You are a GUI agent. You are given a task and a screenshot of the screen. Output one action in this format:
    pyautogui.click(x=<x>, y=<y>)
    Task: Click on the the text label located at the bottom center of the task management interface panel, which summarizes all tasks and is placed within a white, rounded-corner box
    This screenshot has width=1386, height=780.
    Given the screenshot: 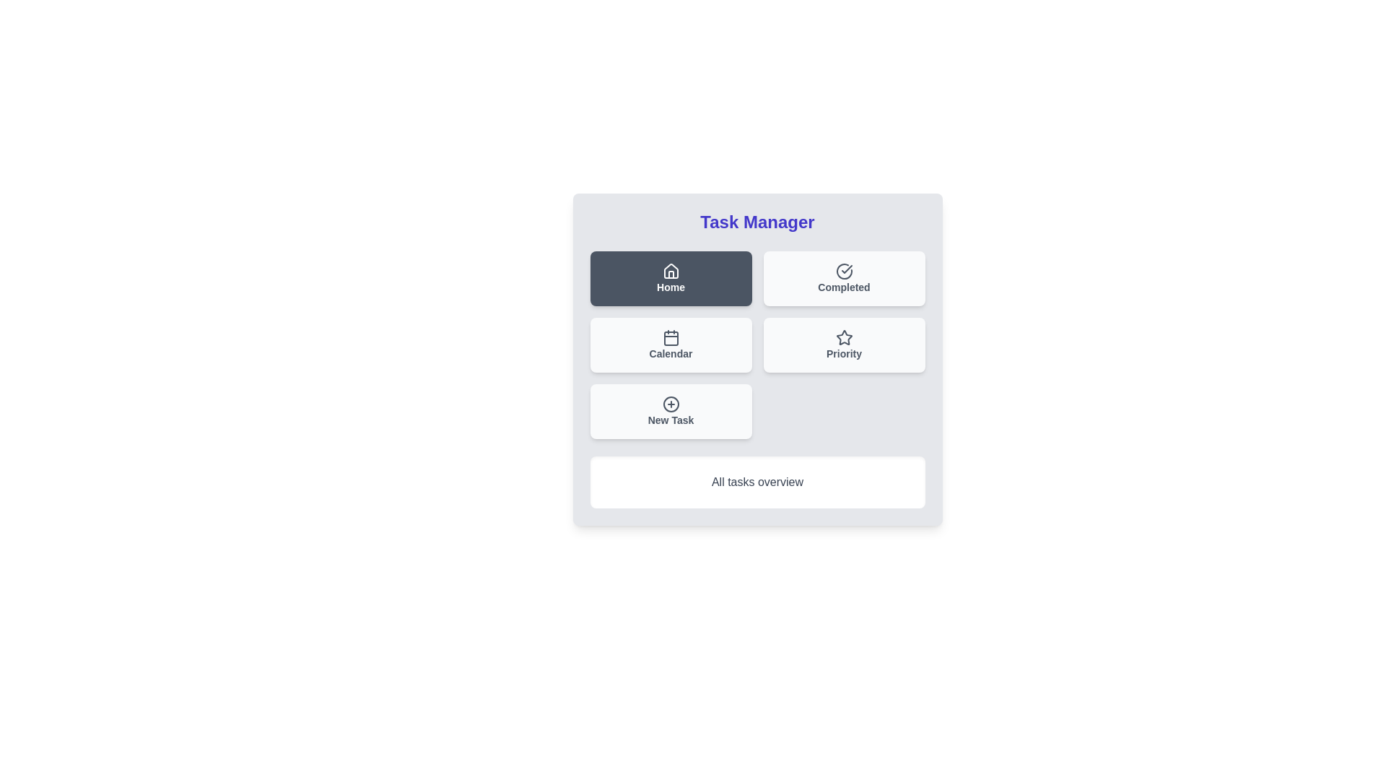 What is the action you would take?
    pyautogui.click(x=757, y=482)
    